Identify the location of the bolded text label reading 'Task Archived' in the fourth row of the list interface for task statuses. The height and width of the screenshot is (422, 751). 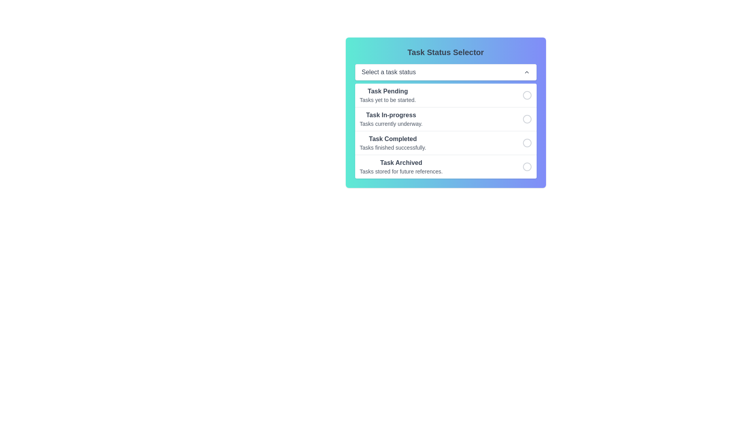
(401, 162).